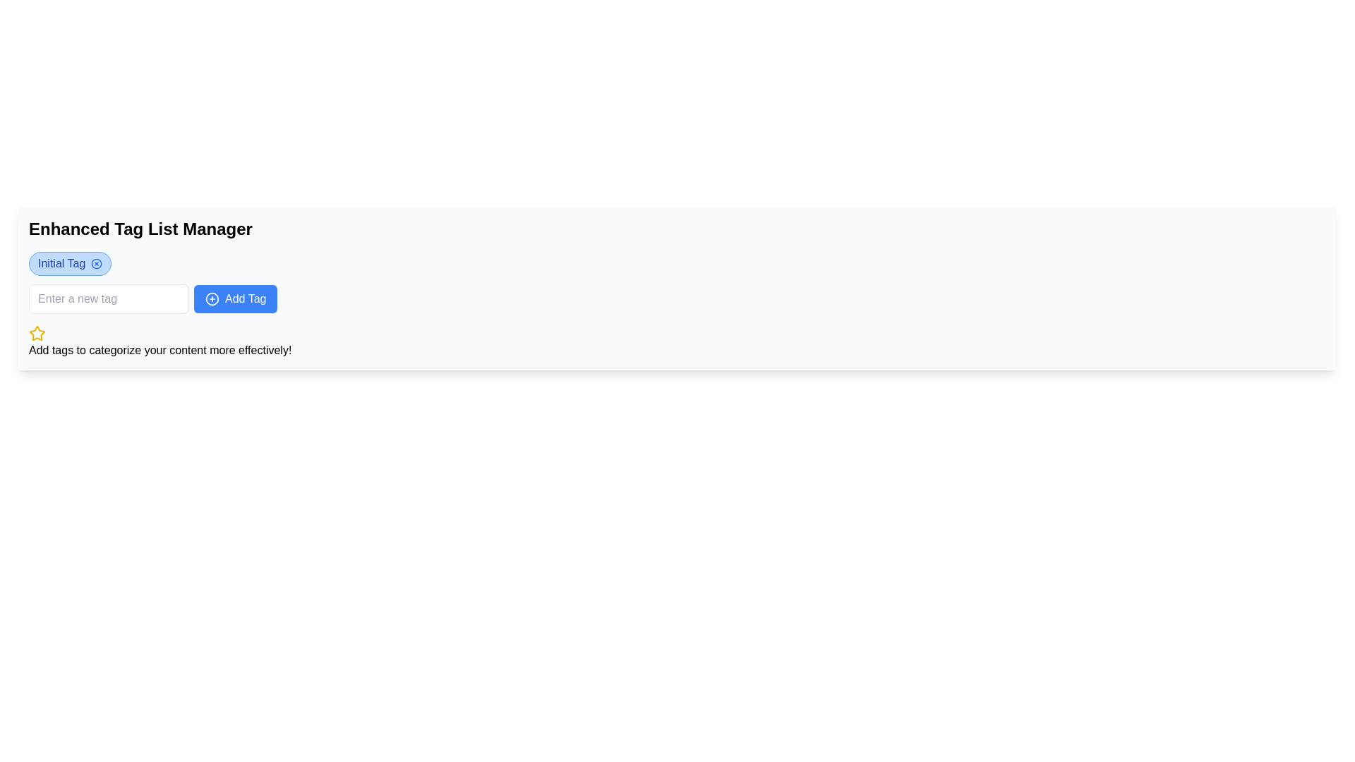 This screenshot has height=762, width=1355. I want to click on the SVG graphic star icon with a yellow fill located in the bottom-left section of the interface, underneath the text input and button group, so click(37, 333).